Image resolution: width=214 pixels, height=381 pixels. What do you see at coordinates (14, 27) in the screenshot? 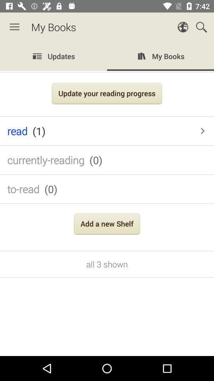
I see `icon next to my books` at bounding box center [14, 27].